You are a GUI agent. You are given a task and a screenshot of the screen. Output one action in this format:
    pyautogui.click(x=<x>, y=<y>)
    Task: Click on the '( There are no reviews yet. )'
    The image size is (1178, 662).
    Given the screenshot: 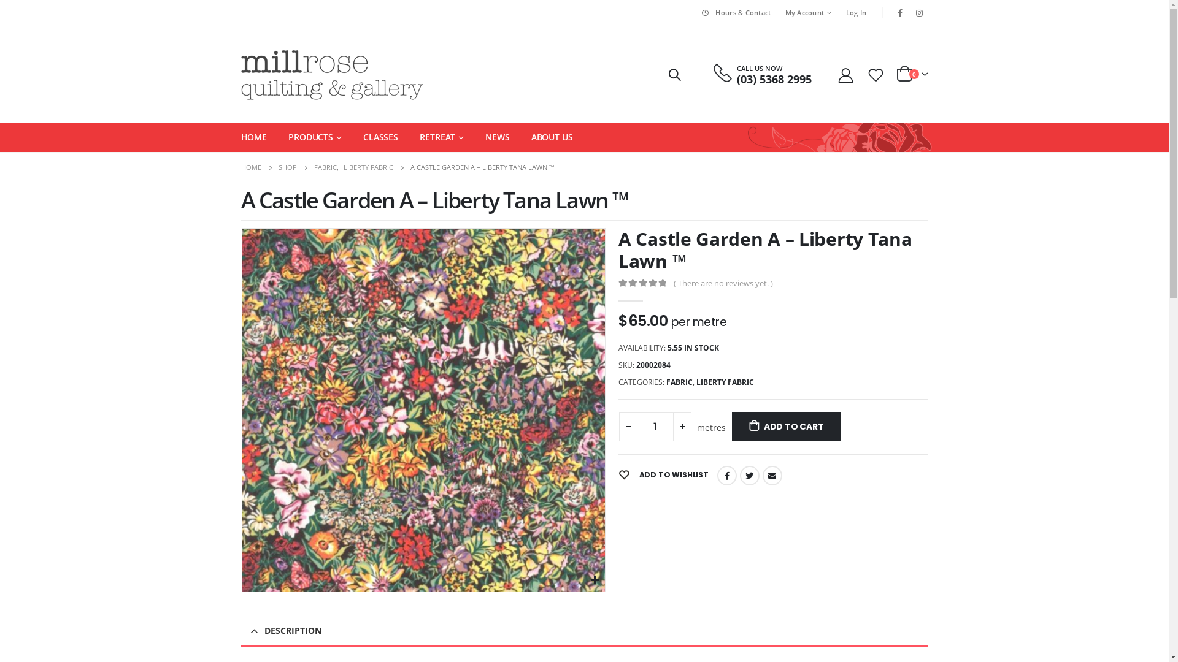 What is the action you would take?
    pyautogui.click(x=726, y=283)
    